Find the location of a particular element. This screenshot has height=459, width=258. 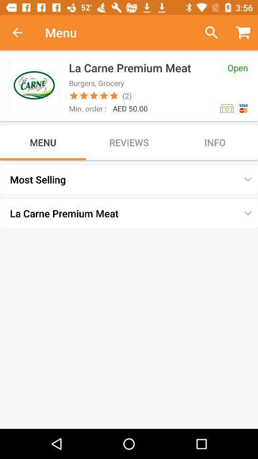

icon to the left of the menu icon is located at coordinates (22, 33).